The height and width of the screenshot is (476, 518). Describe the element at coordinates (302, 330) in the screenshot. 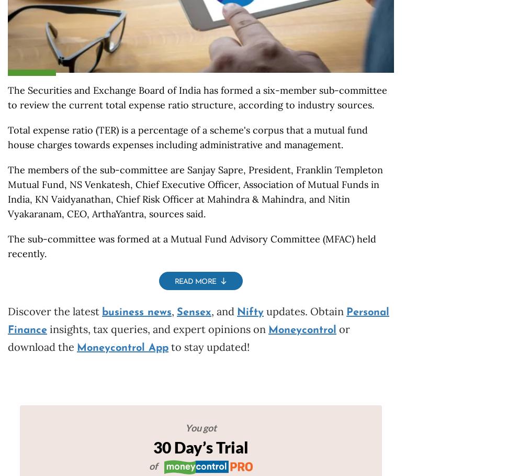

I see `'Moneycontrol'` at that location.